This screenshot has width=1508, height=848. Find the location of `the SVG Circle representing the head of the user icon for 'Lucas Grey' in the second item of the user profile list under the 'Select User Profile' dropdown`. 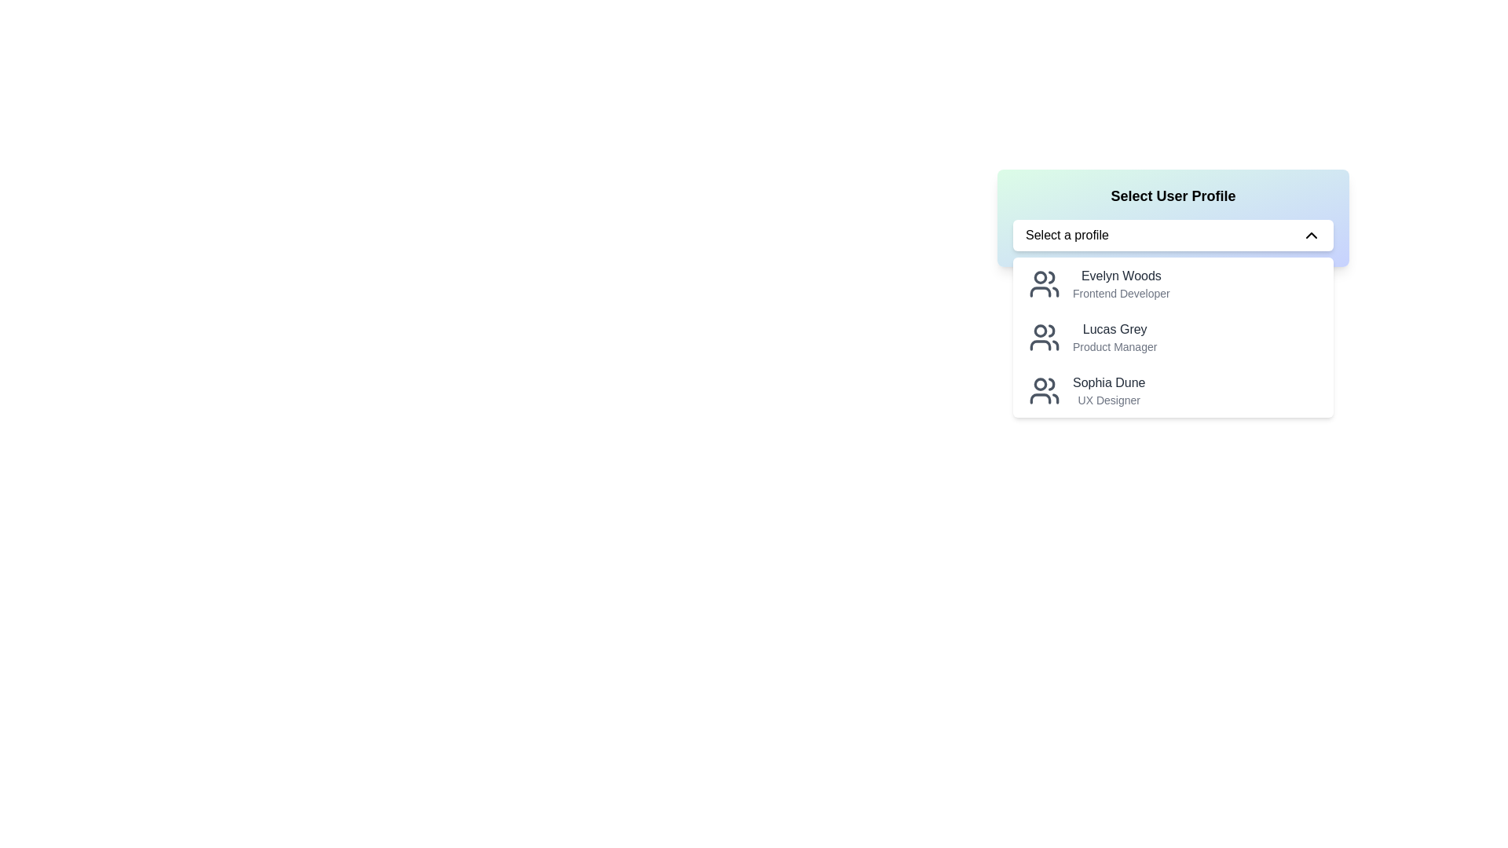

the SVG Circle representing the head of the user icon for 'Lucas Grey' in the second item of the user profile list under the 'Select User Profile' dropdown is located at coordinates (1040, 329).